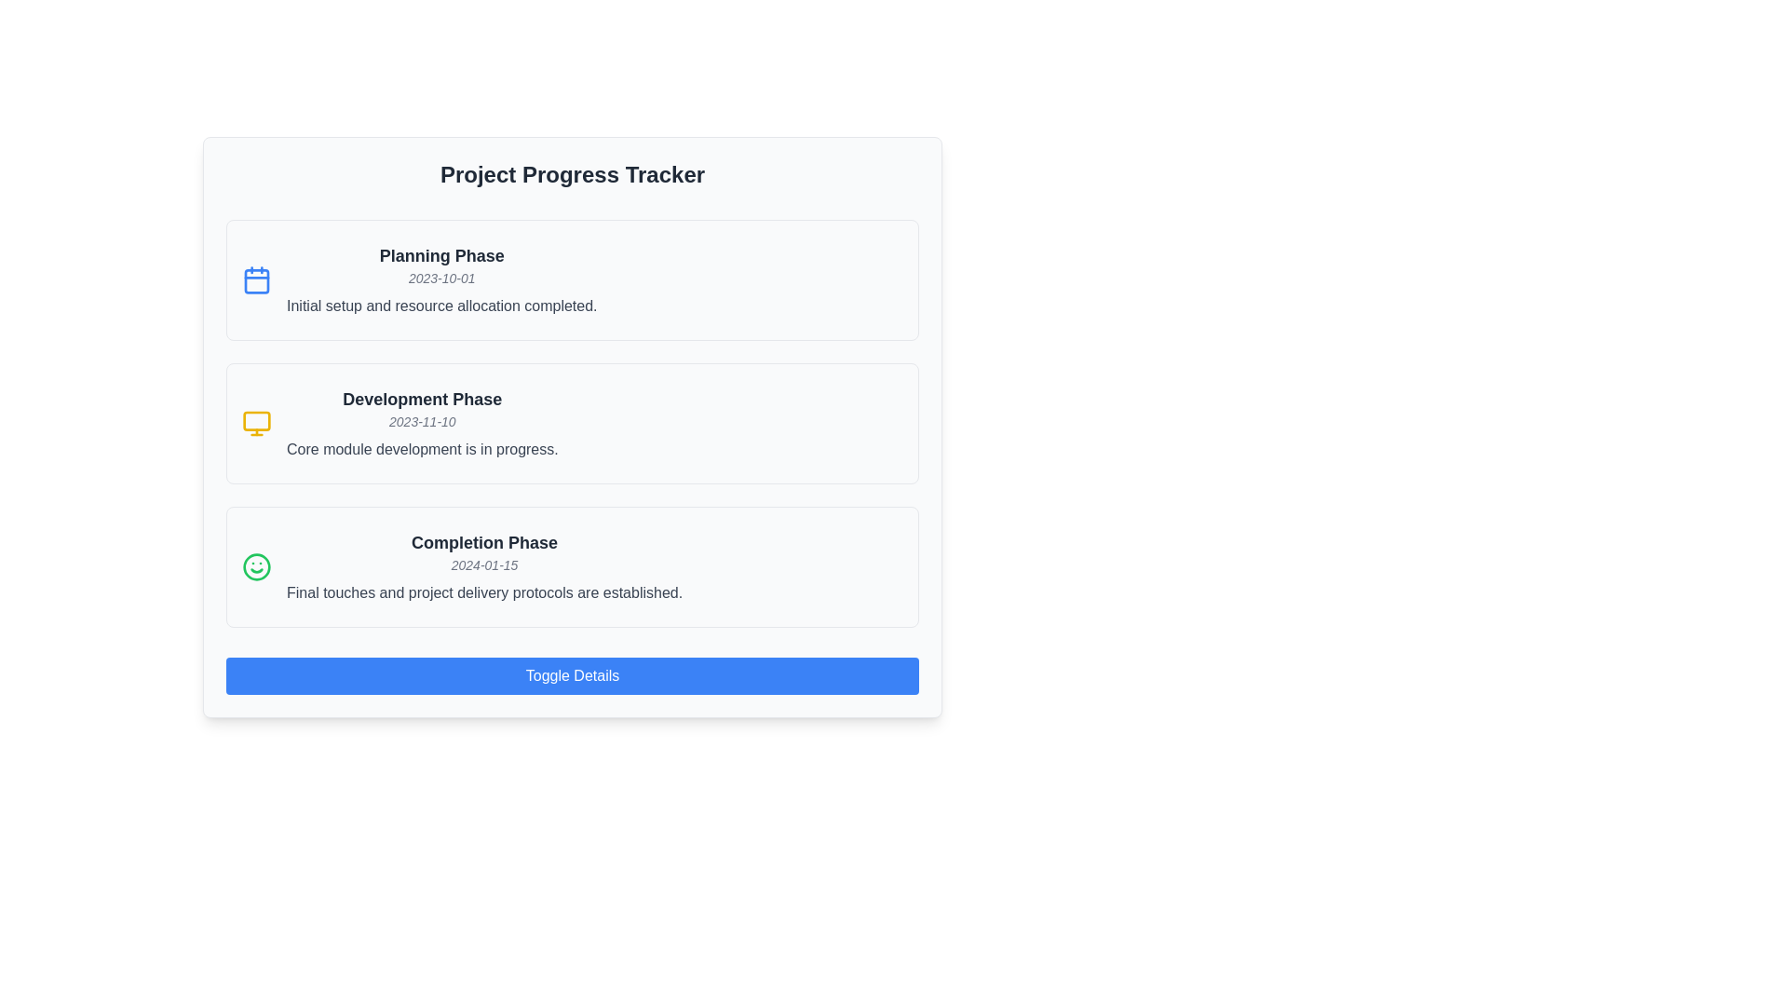 This screenshot has width=1788, height=1006. Describe the element at coordinates (255, 566) in the screenshot. I see `the smile icon positioned to the left of the 'Completion Phase' title and description in the third section of the phases` at that location.